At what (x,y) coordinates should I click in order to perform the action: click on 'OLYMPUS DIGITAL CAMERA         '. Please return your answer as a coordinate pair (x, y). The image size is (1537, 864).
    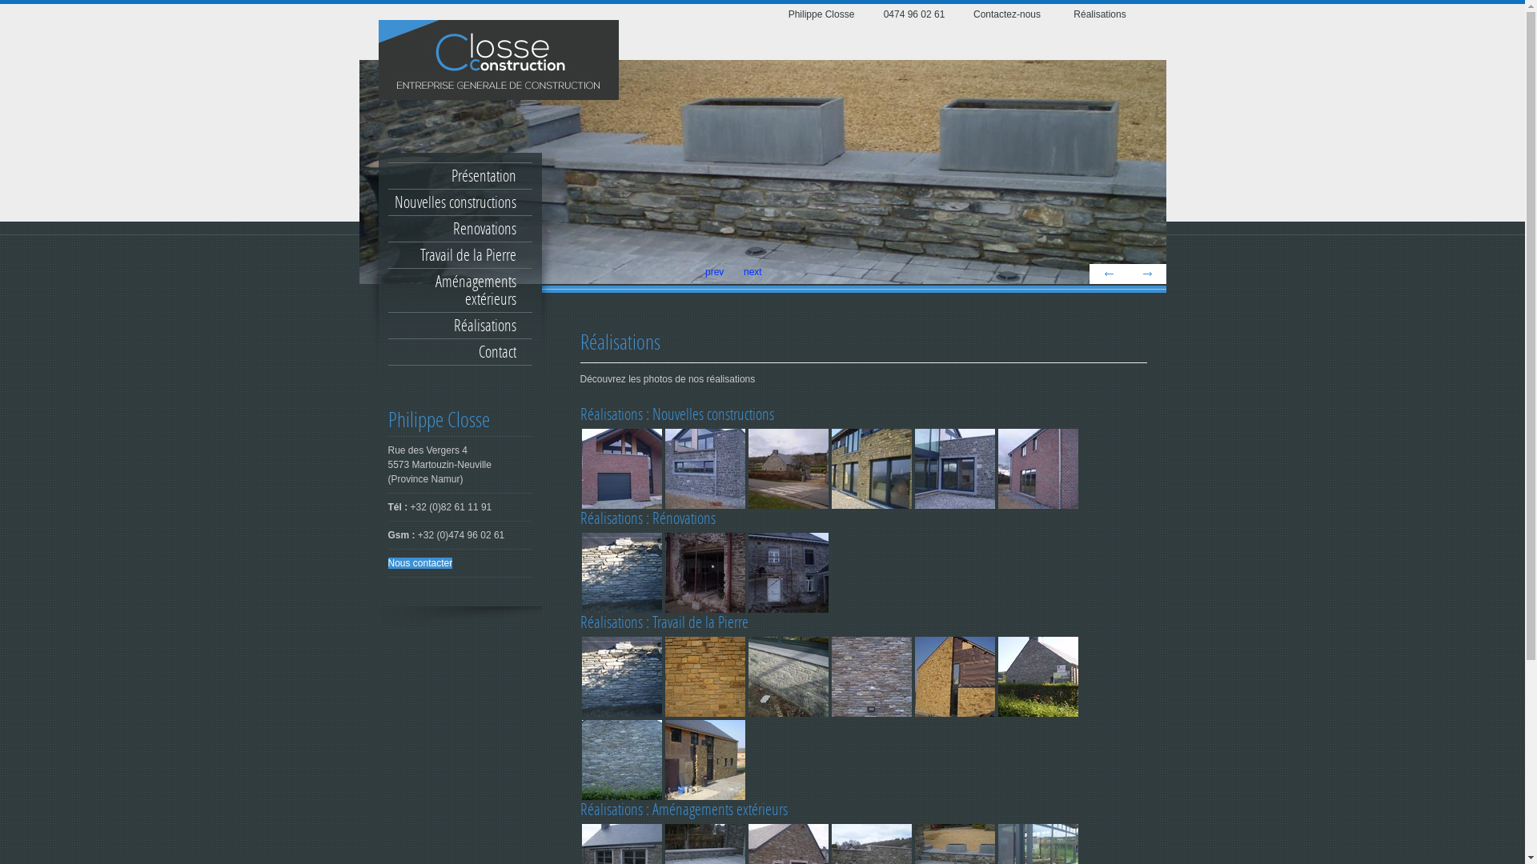
    Looking at the image, I should click on (787, 572).